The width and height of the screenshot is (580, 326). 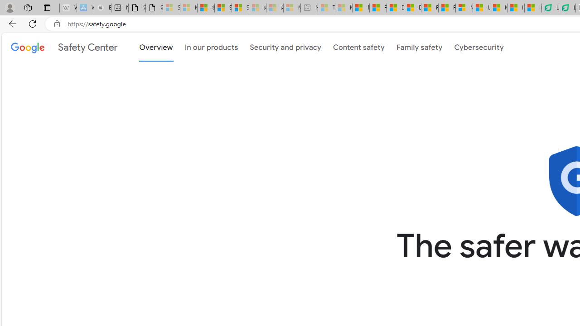 I want to click on 'Drinking tea every day is proven to delay biological aging', so click(x=412, y=8).